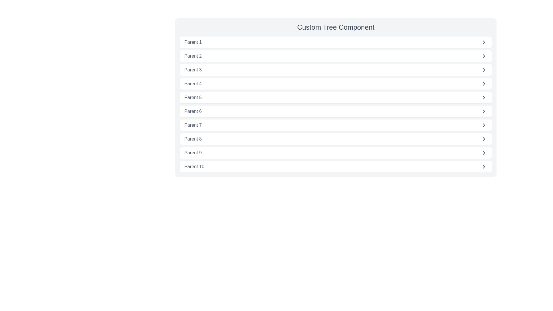  Describe the element at coordinates (336, 166) in the screenshot. I see `the last list item in the 'Custom Tree Component'` at that location.